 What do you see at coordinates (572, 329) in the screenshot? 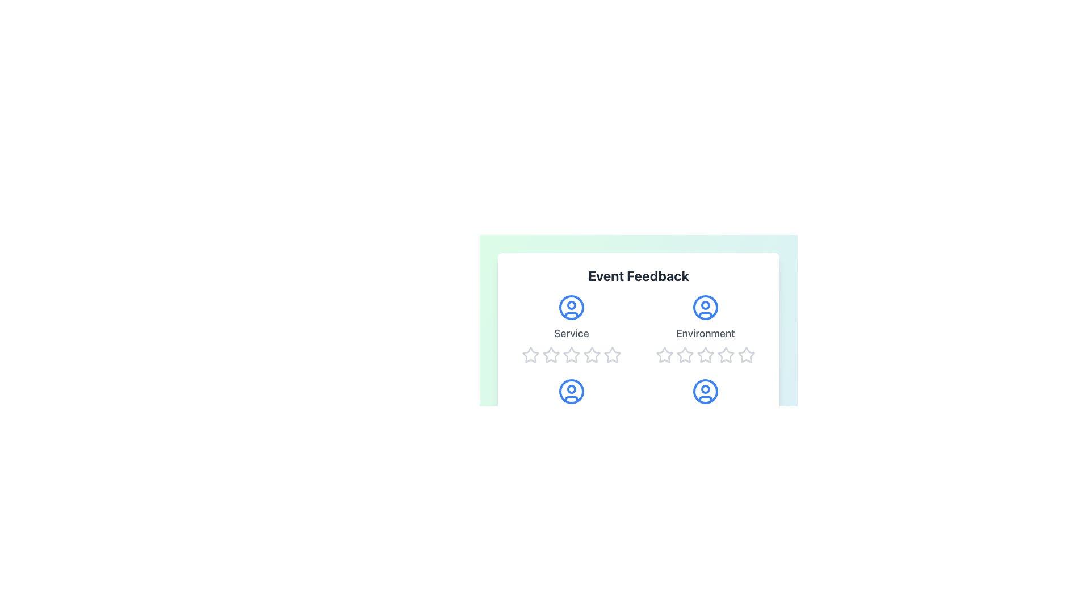
I see `the 'Service' feedback component` at bounding box center [572, 329].